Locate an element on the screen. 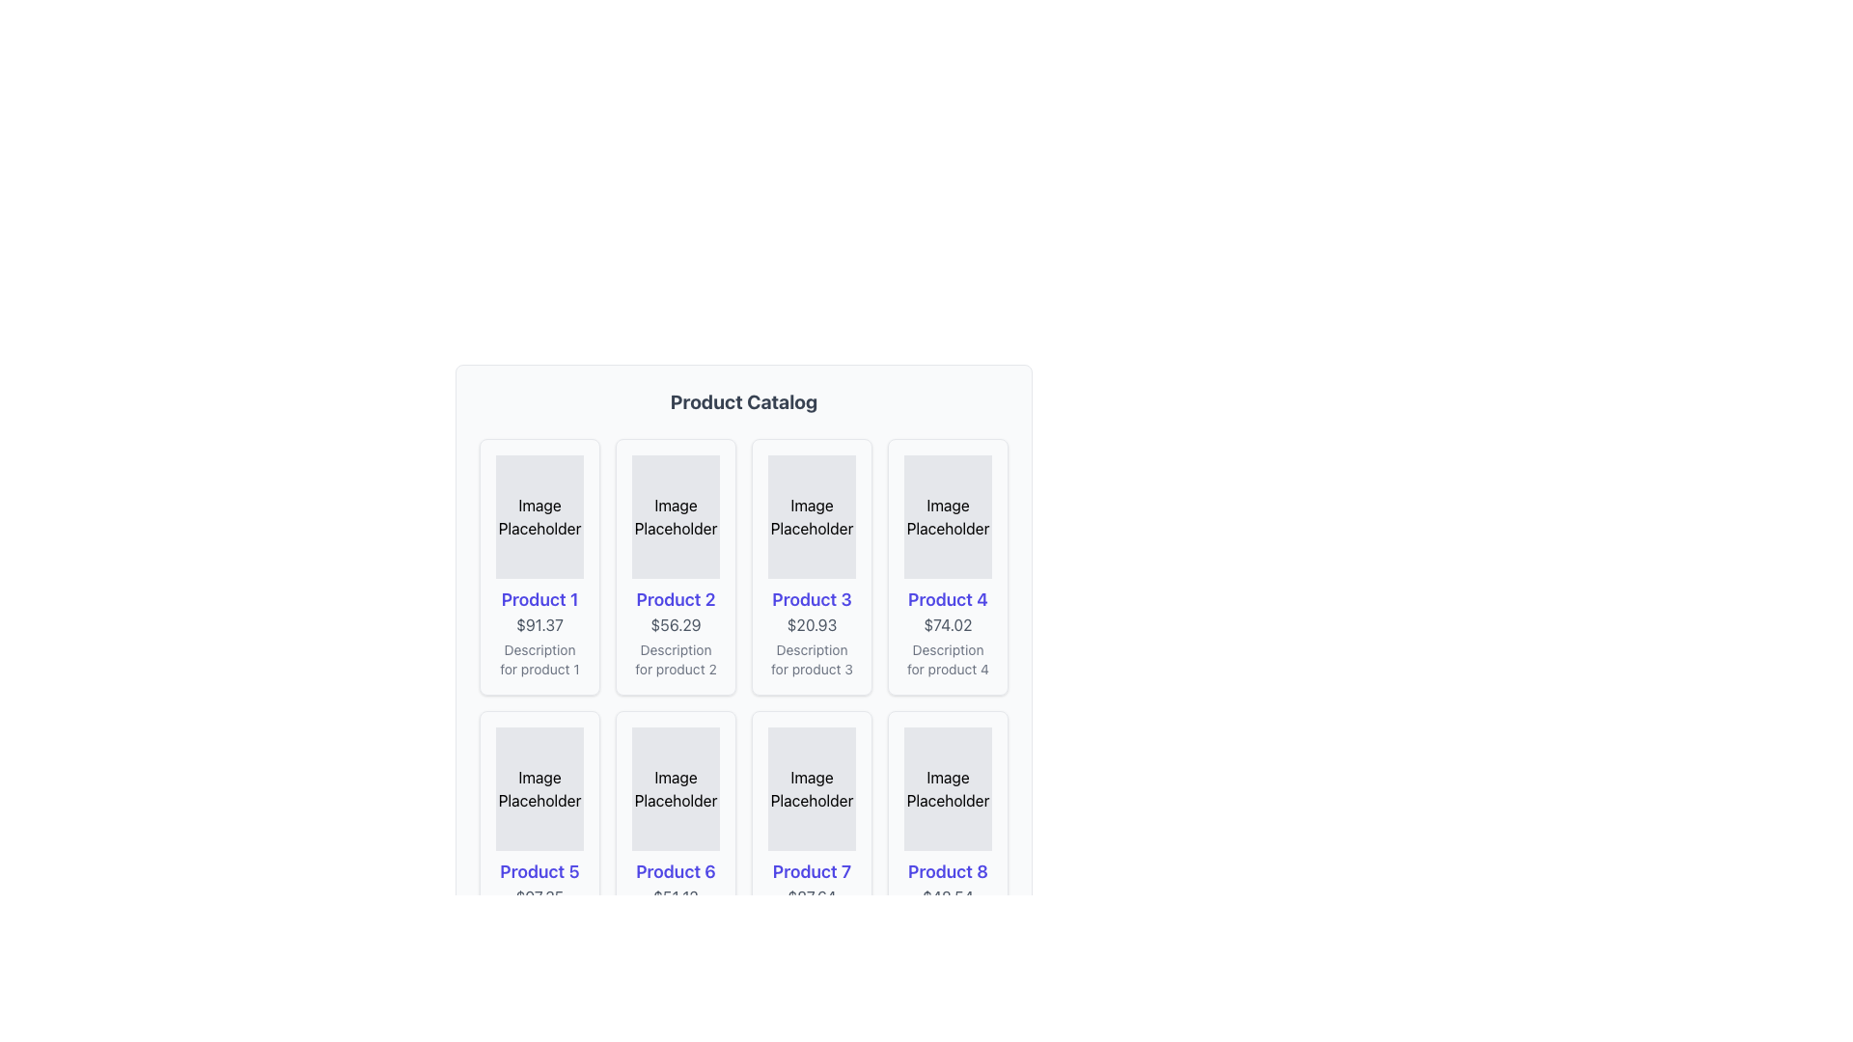 The height and width of the screenshot is (1042, 1853). the text element displaying the price '$74.02' in gray color, located under 'Product 4' and above 'Description for product 4' in the fourth card of the grid layout is located at coordinates (948, 625).